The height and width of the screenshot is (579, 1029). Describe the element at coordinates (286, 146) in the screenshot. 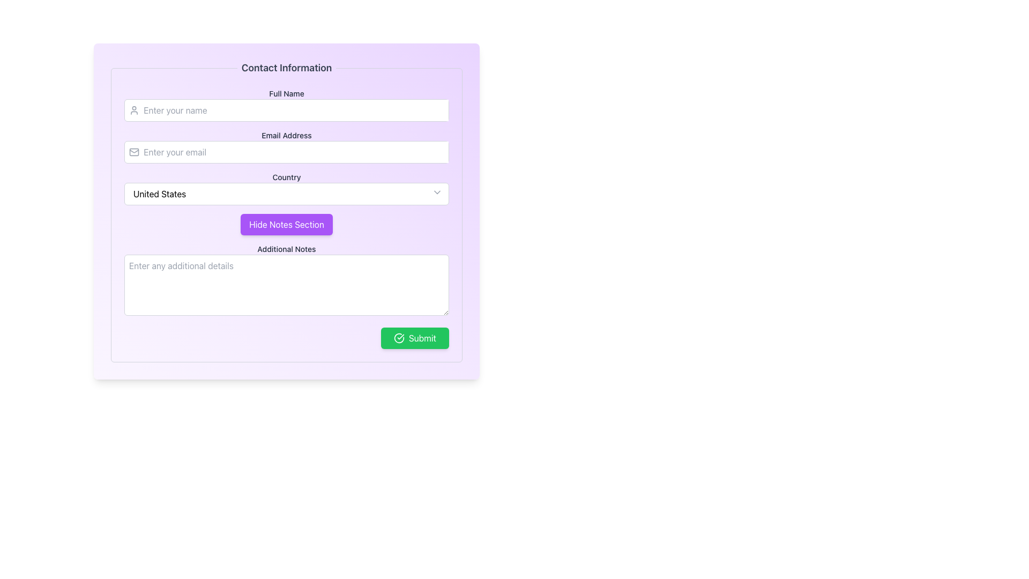

I see `the Email Input Field located below the 'Full Name' input field and above the 'Country' dropdown menu in the 'Contact Information' section` at that location.